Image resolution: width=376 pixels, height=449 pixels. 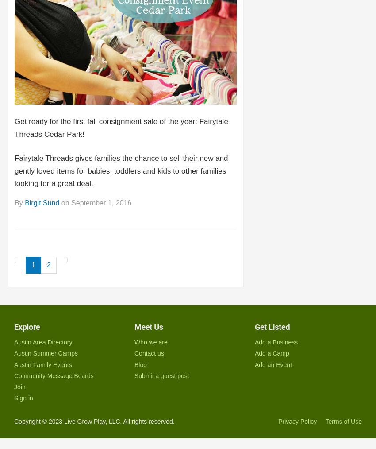 What do you see at coordinates (271, 353) in the screenshot?
I see `'Add a Camp'` at bounding box center [271, 353].